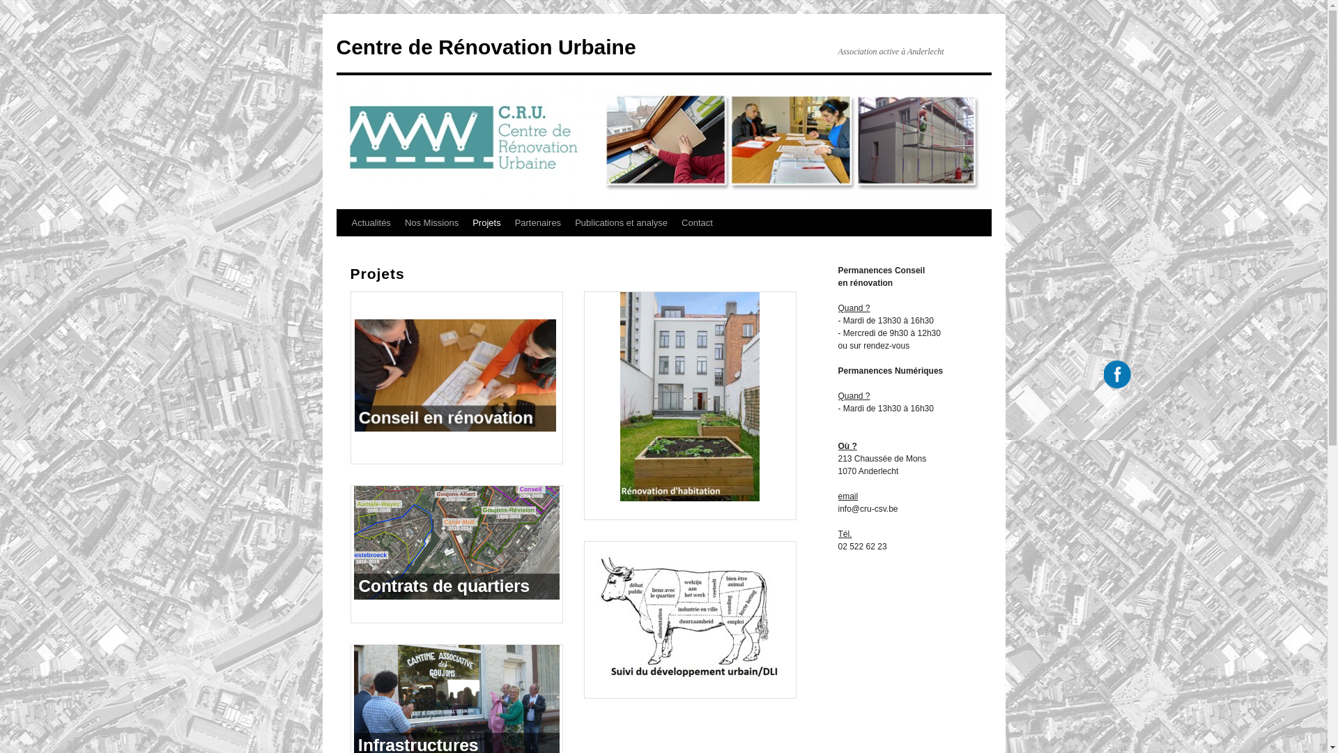  What do you see at coordinates (335, 248) in the screenshot?
I see `'Aller au contenu'` at bounding box center [335, 248].